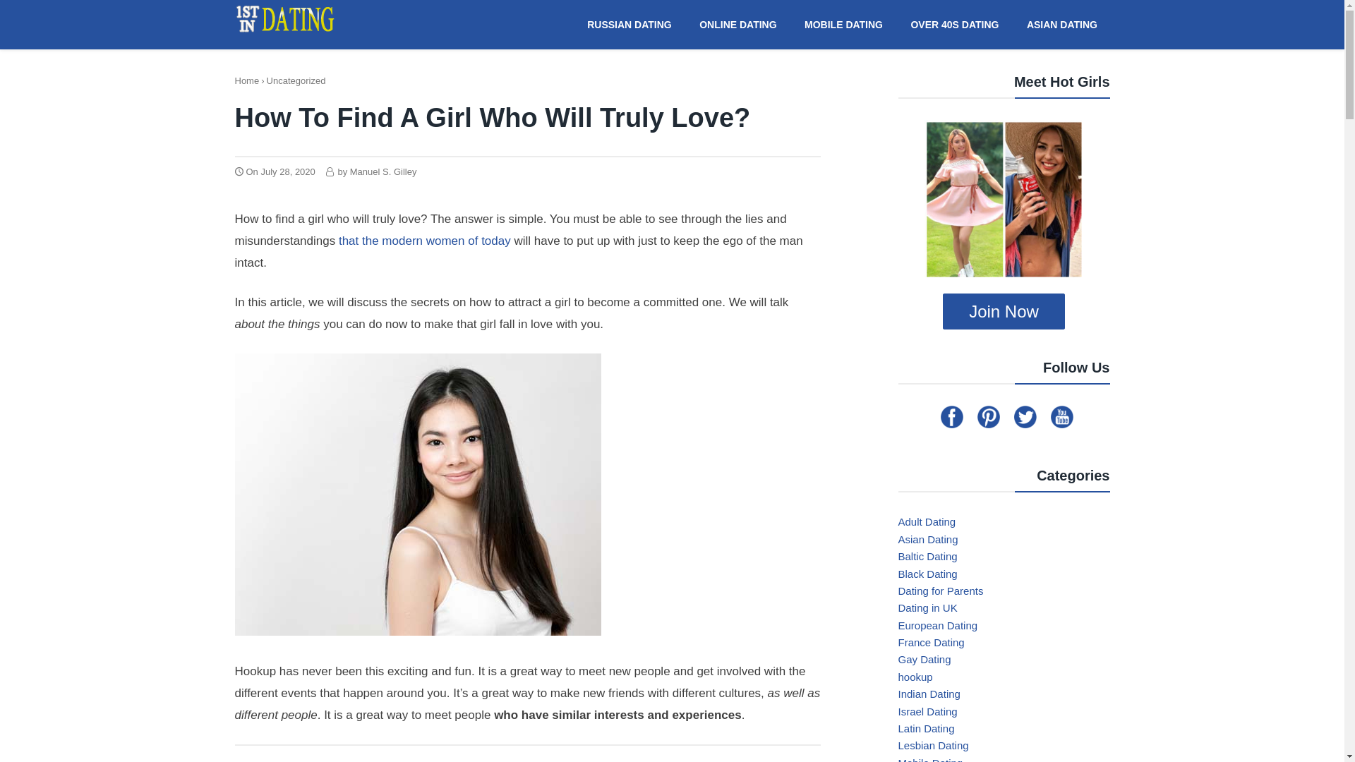  What do you see at coordinates (897, 607) in the screenshot?
I see `'Dating in UK'` at bounding box center [897, 607].